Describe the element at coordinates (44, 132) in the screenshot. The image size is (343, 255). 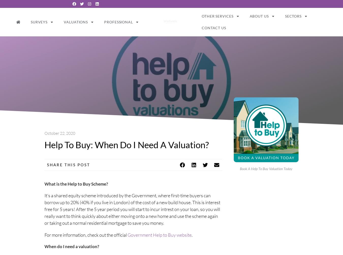
I see `'October 22, 2020'` at that location.